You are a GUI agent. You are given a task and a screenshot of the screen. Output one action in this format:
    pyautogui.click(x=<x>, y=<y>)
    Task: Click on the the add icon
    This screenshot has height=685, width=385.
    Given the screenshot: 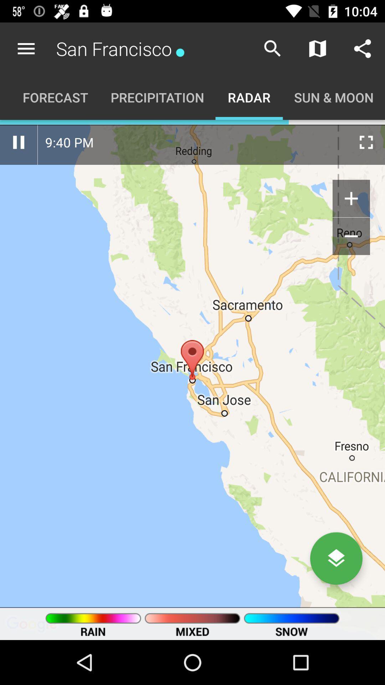 What is the action you would take?
    pyautogui.click(x=351, y=198)
    